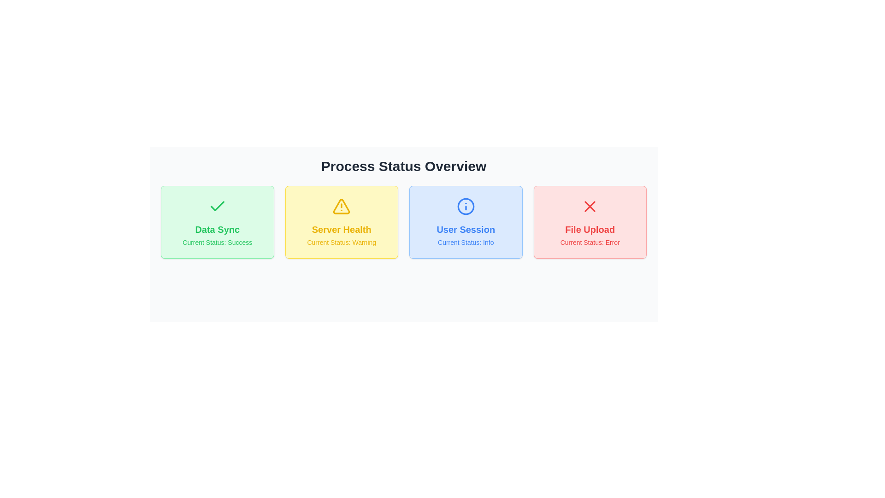 Image resolution: width=885 pixels, height=498 pixels. Describe the element at coordinates (341, 206) in the screenshot. I see `the triangular warning symbol icon located in the 'Server Health' section under the 'Process Status Overview' header` at that location.